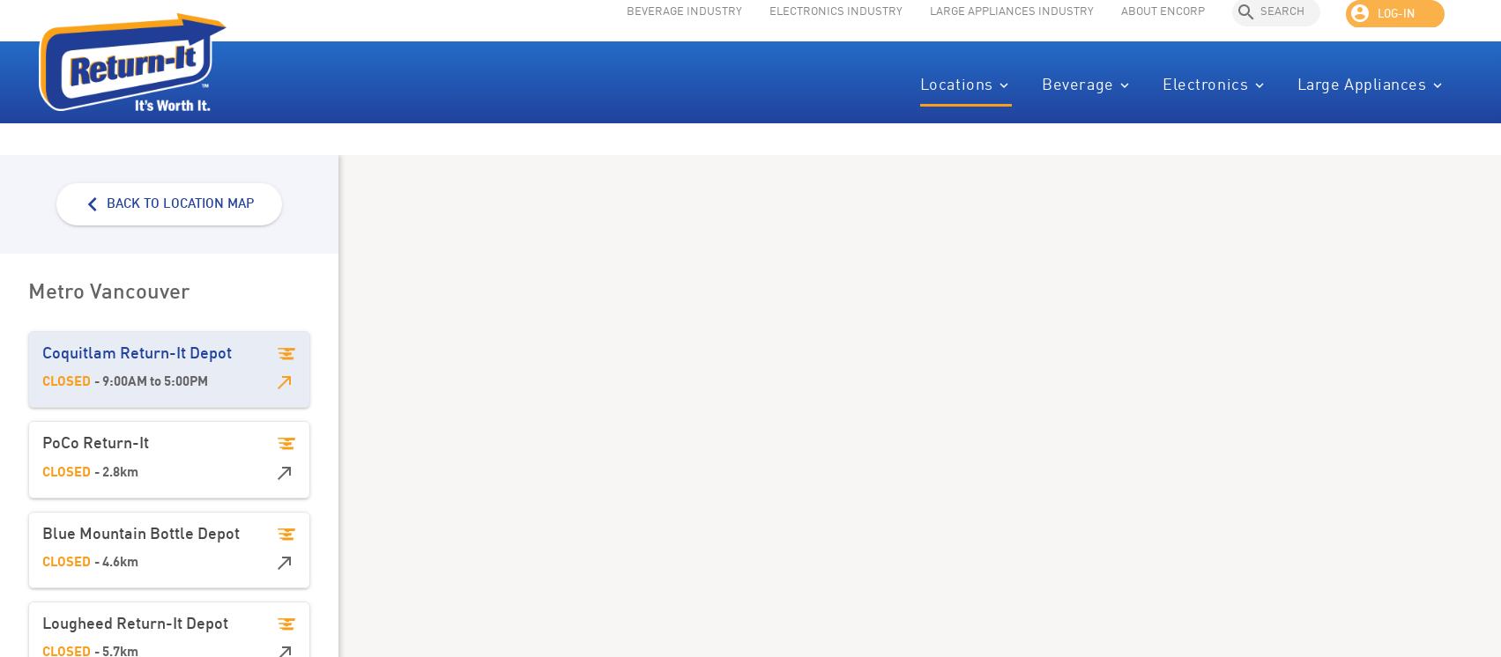  Describe the element at coordinates (486, 410) in the screenshot. I see `'Thursday'` at that location.